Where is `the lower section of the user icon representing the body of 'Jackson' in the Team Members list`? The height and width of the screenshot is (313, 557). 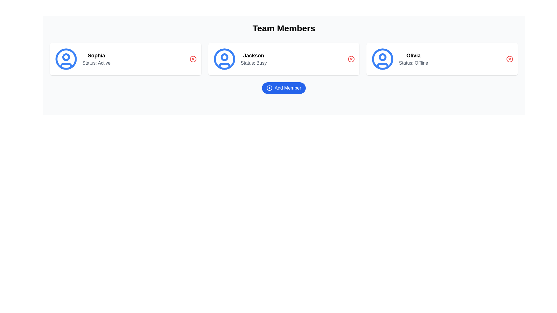 the lower section of the user icon representing the body of 'Jackson' in the Team Members list is located at coordinates (224, 65).